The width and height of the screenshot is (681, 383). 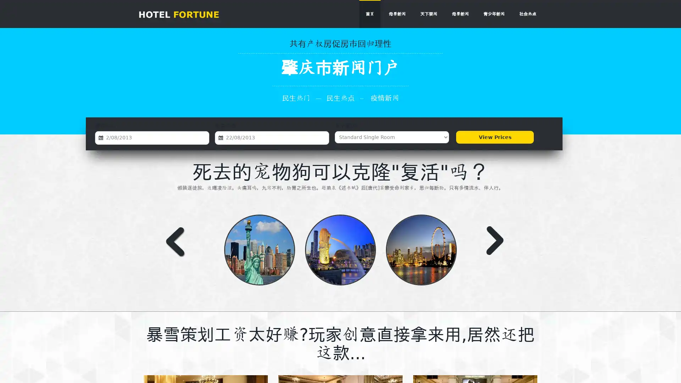 I want to click on View Prices, so click(x=494, y=137).